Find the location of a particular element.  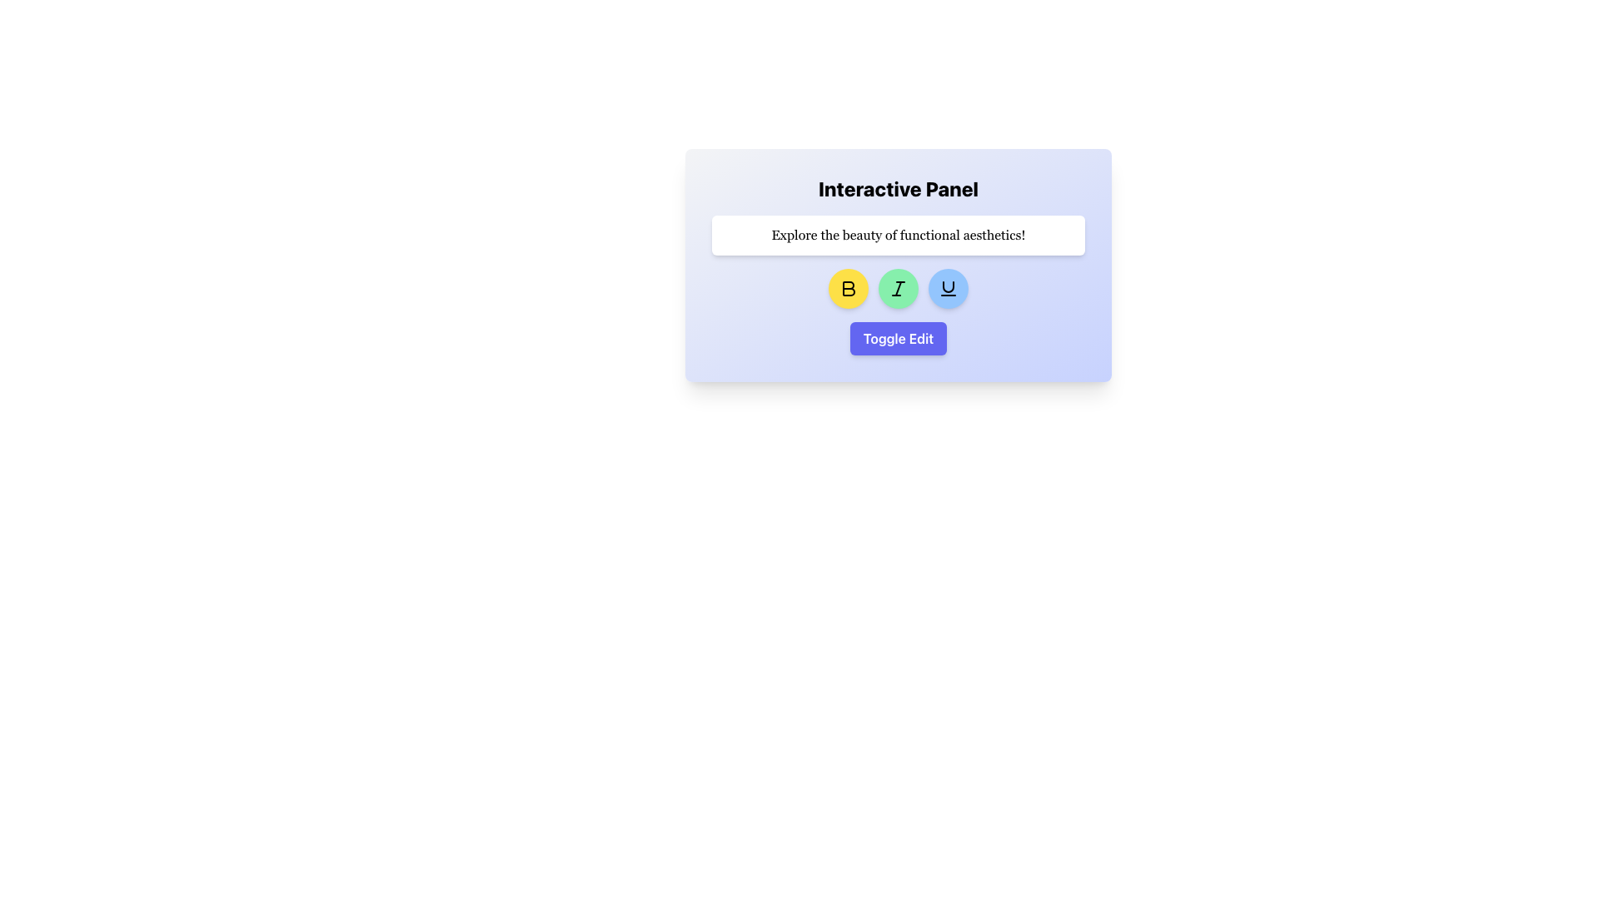

the 'Italic' button icon element, which is the second button from the left in the text styling options below the text box is located at coordinates (898, 288).